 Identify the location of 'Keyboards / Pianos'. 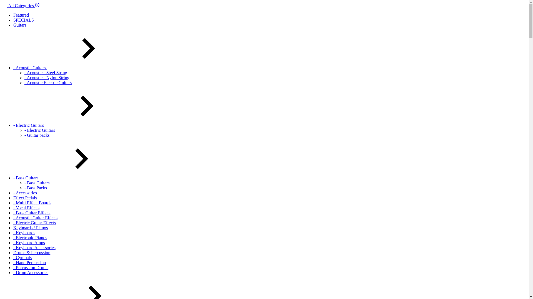
(13, 228).